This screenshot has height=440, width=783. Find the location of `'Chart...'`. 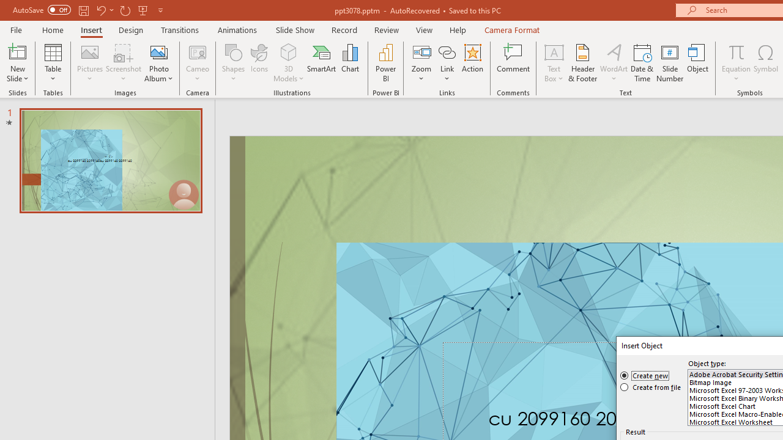

'Chart...' is located at coordinates (349, 63).